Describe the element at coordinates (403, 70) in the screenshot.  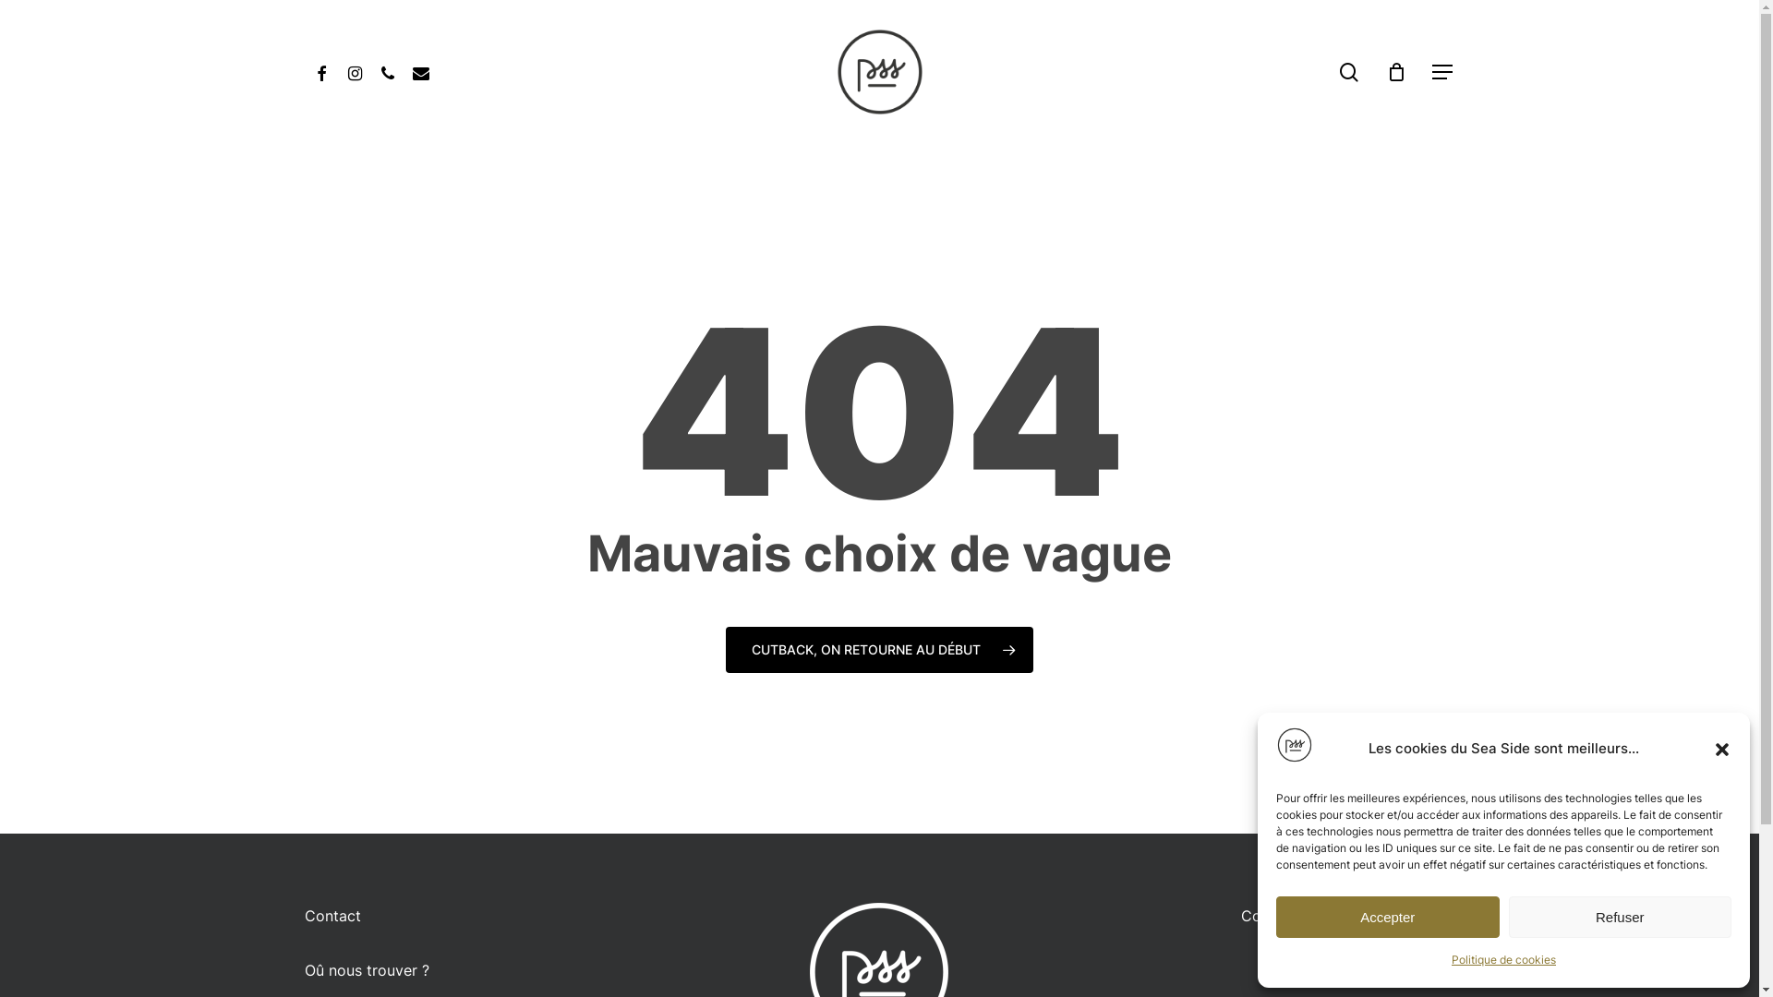
I see `'email'` at that location.